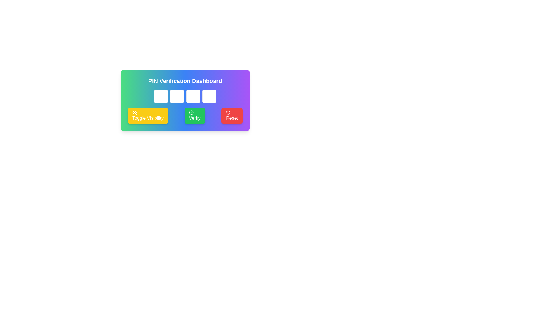  Describe the element at coordinates (195, 116) in the screenshot. I see `the 'Verify' button, which is a green rectangular button with a checkmark icon above the text 'Verify', located in the middle of three horizontally aligned buttons` at that location.